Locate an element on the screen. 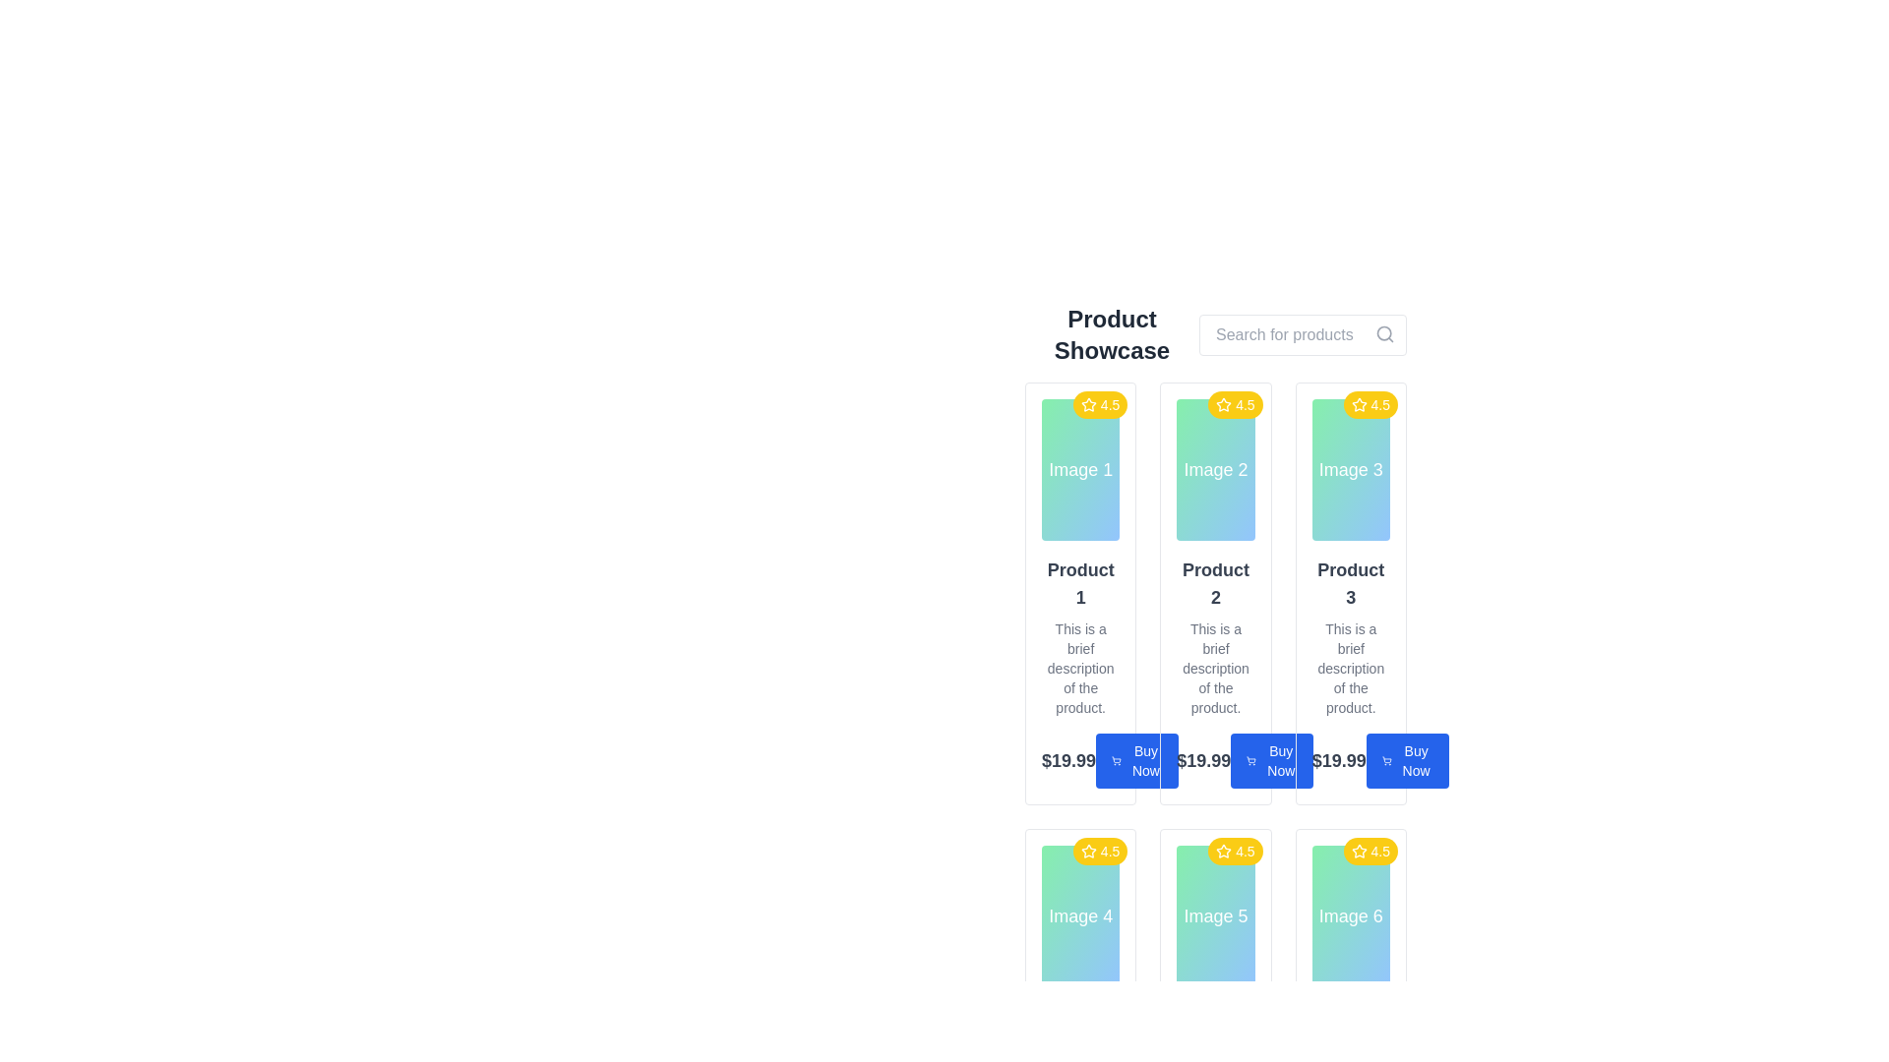  rating information displayed in the Rating component for 'Product 6', which shows a yellow rounded background with a white star icon and the text '4.5' is located at coordinates (1370, 851).